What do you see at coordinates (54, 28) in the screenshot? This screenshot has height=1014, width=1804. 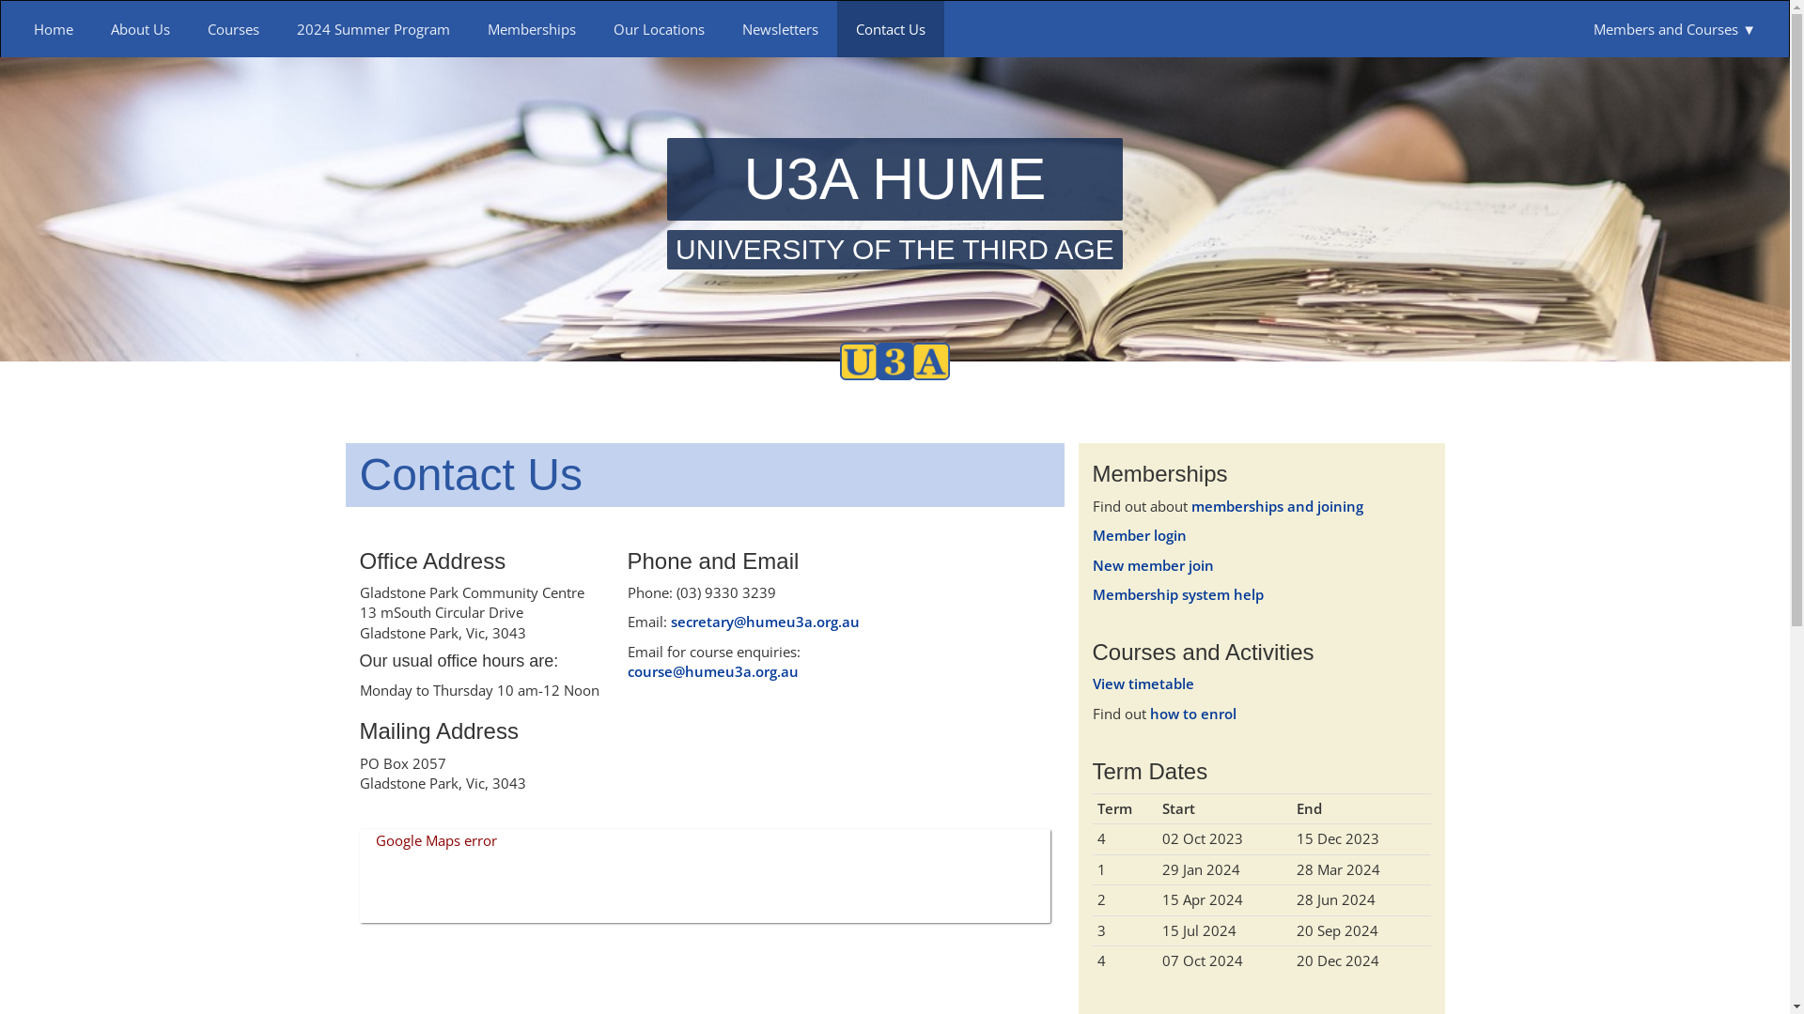 I see `'Home'` at bounding box center [54, 28].